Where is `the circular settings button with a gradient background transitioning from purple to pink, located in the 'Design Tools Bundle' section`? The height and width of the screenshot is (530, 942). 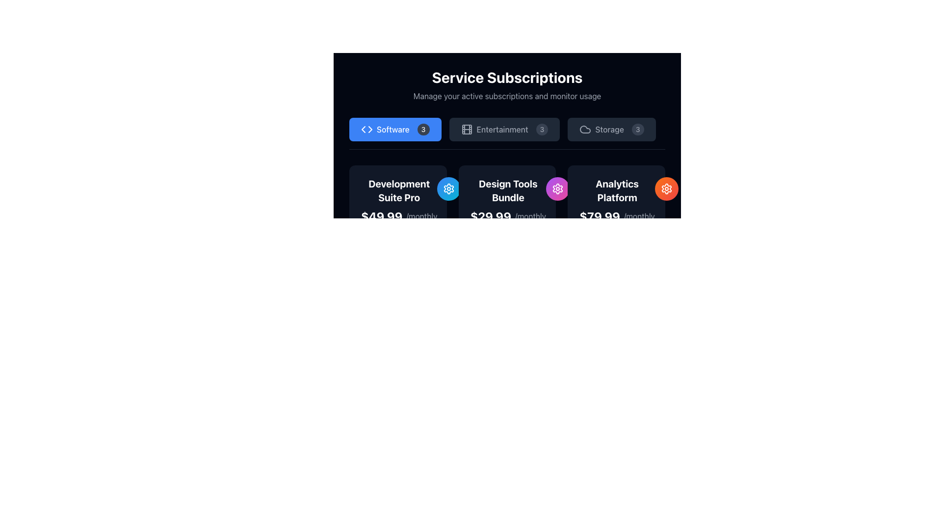 the circular settings button with a gradient background transitioning from purple to pink, located in the 'Design Tools Bundle' section is located at coordinates (558, 189).